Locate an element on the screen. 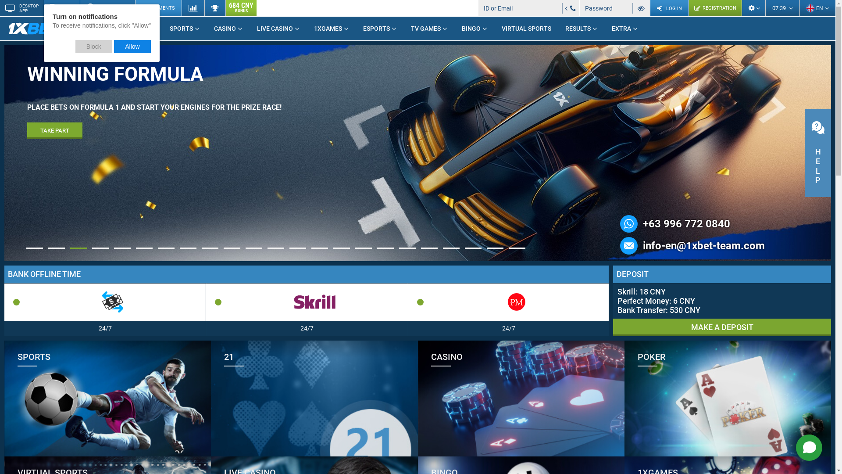 This screenshot has width=842, height=474. 'VIRTUAL SPORTS' is located at coordinates (526, 28).